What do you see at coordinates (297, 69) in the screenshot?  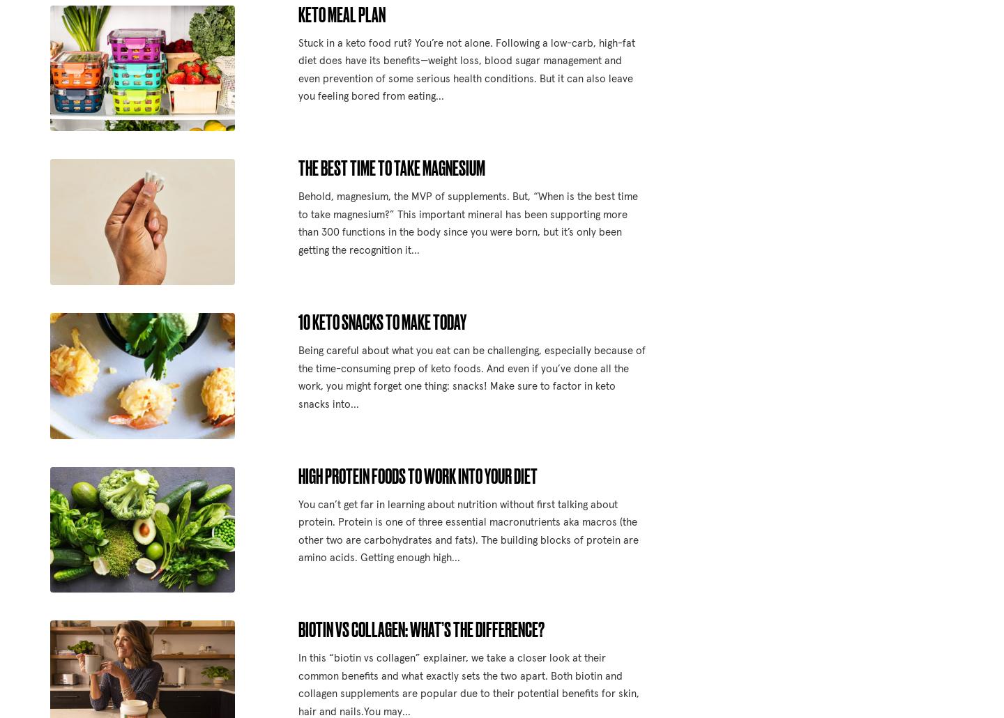 I see `'Stuck in a keto food rut? You’re not alone. Following a low-carb, high-fat diet does have its benefits—weight loss, blood sugar management and even prevention of some serious health conditions. But it can also leave you feeling bored from eating...'` at bounding box center [297, 69].